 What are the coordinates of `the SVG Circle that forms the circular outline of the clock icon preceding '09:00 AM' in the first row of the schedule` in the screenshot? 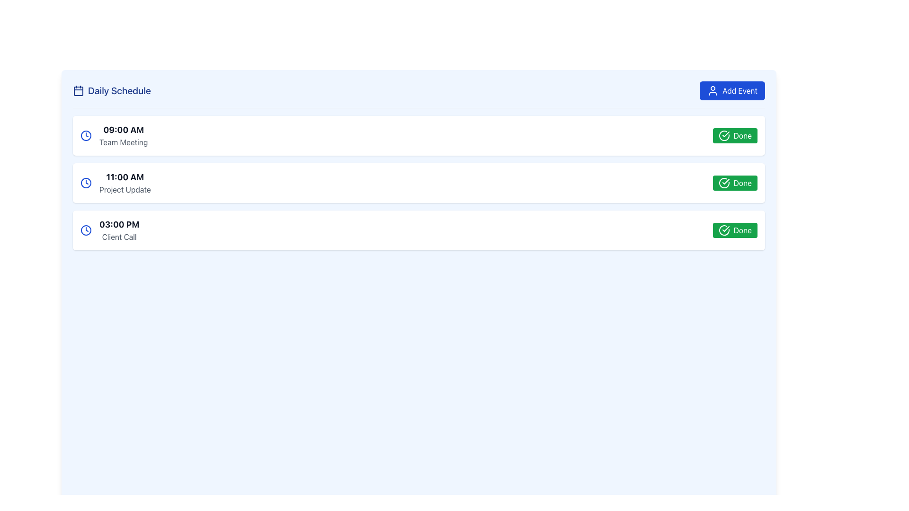 It's located at (86, 135).